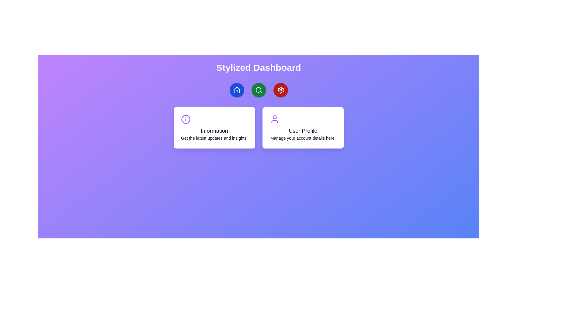  I want to click on the filled purple circle within the 'User Profile' icon, which is part of the 'lucide-user' illustration, so click(274, 117).